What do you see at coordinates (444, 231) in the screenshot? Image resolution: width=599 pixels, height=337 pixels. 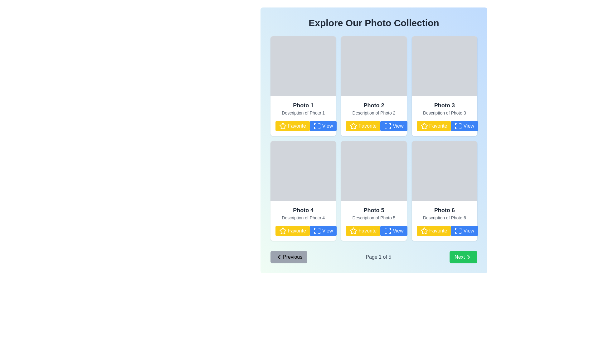 I see `the bright yellow 'Favorite' button with a white star icon to mark the photo as favorite` at bounding box center [444, 231].